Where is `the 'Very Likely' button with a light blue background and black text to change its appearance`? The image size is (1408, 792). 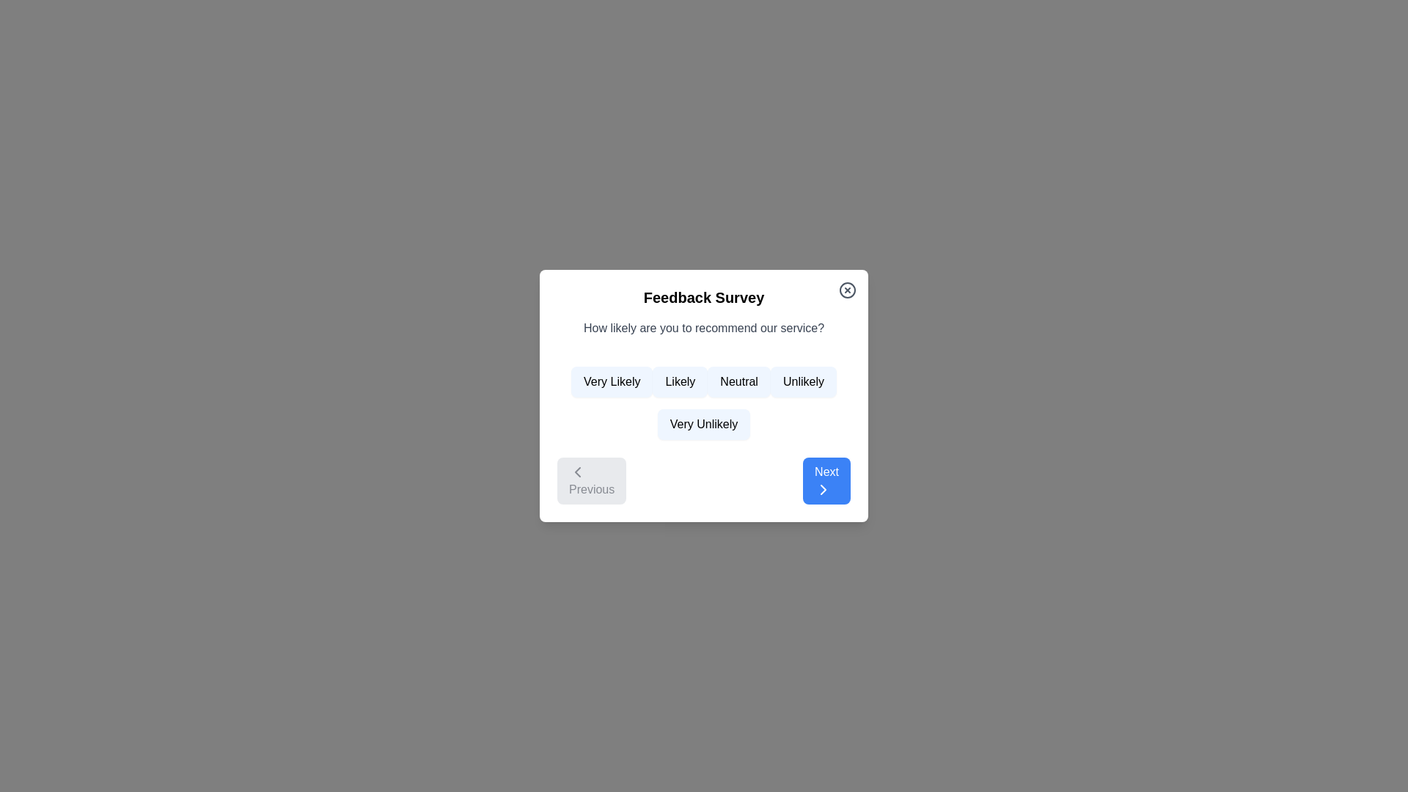
the 'Very Likely' button with a light blue background and black text to change its appearance is located at coordinates (612, 381).